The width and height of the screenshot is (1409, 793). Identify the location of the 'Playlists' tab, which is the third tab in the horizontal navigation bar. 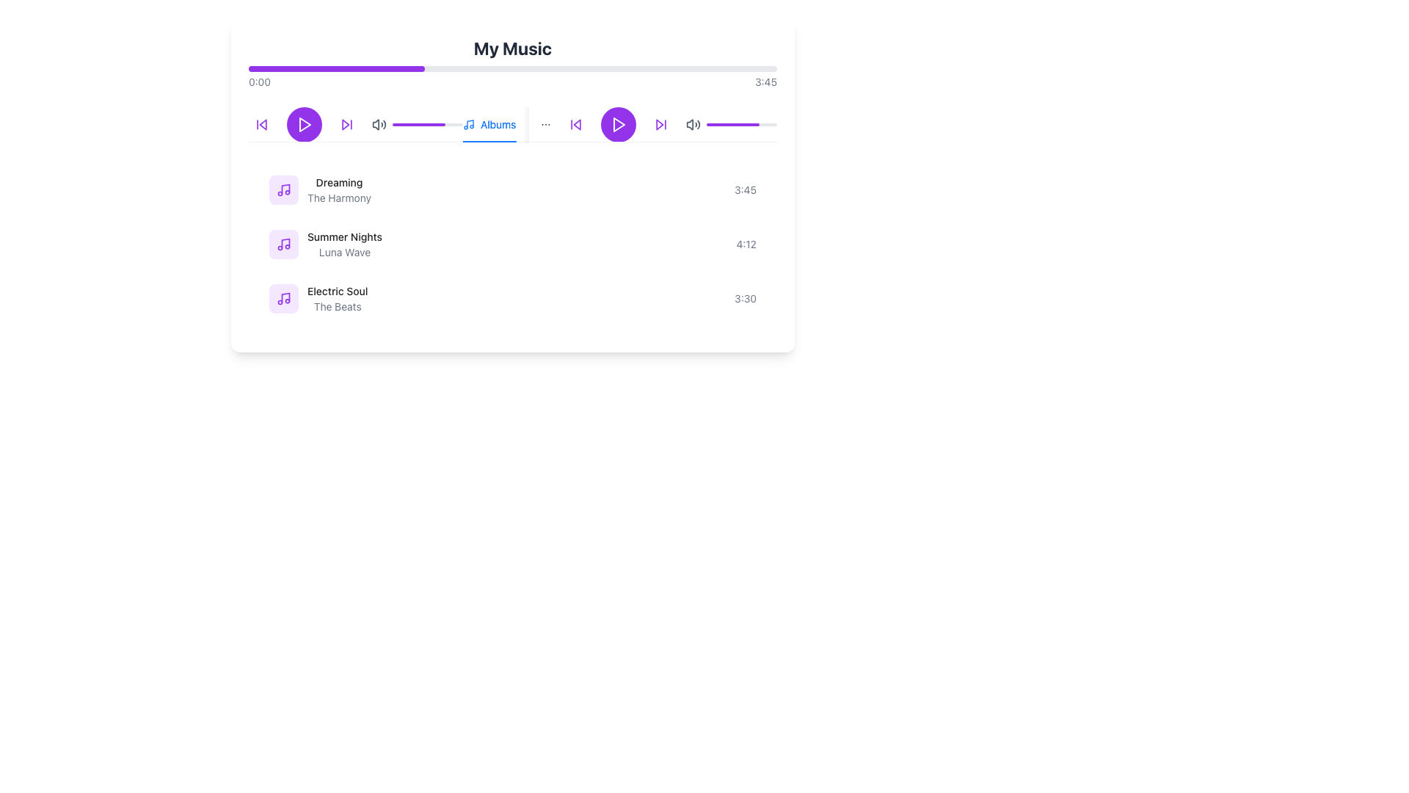
(639, 123).